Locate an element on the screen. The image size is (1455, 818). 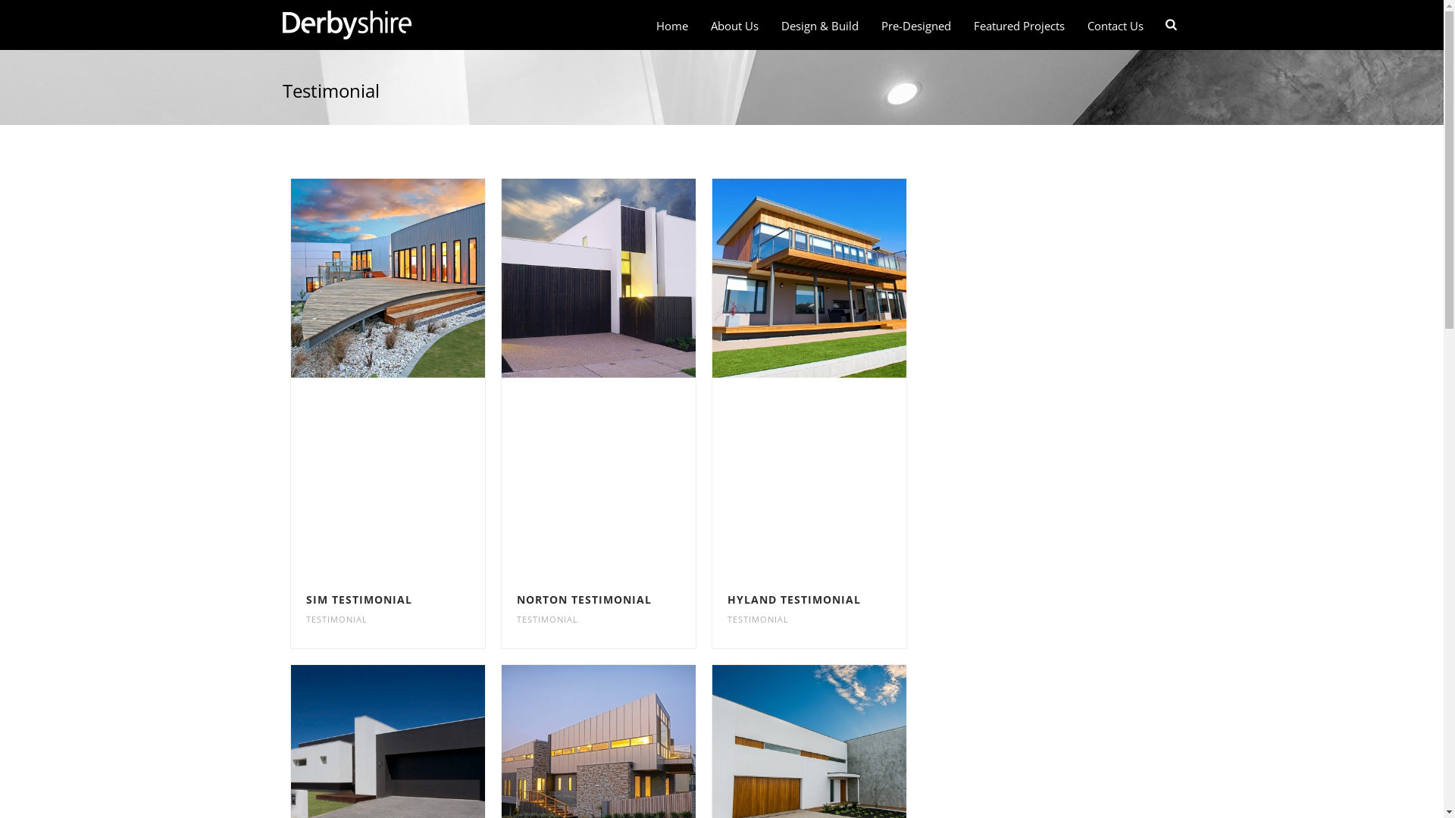
'Featured Projects' is located at coordinates (1018, 26).